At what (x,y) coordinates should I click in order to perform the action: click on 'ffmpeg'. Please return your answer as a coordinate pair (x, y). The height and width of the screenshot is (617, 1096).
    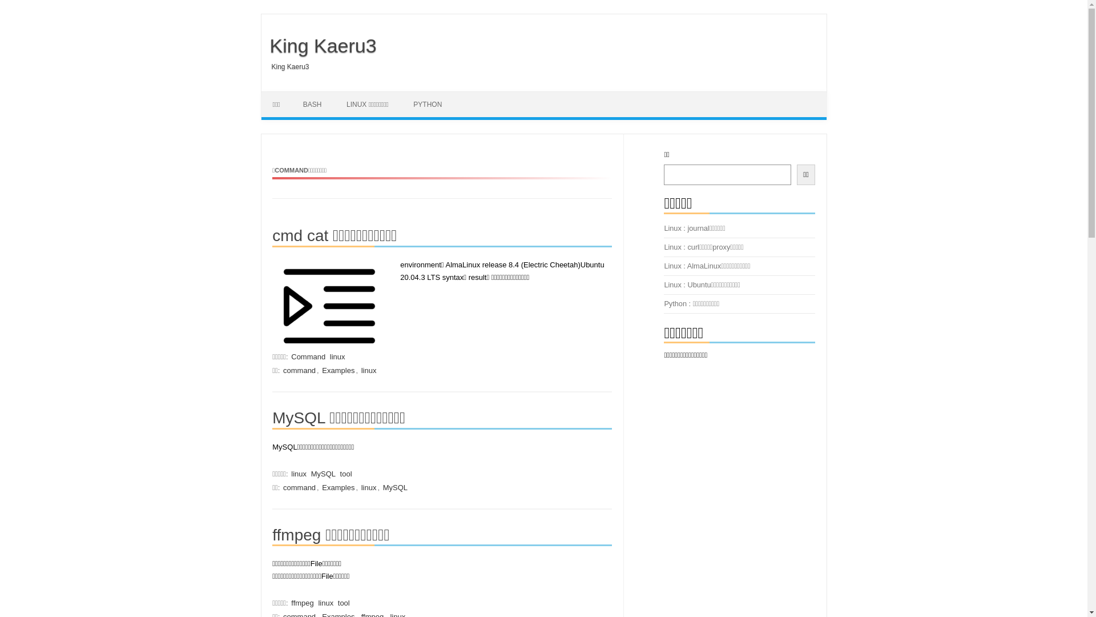
    Looking at the image, I should click on (302, 602).